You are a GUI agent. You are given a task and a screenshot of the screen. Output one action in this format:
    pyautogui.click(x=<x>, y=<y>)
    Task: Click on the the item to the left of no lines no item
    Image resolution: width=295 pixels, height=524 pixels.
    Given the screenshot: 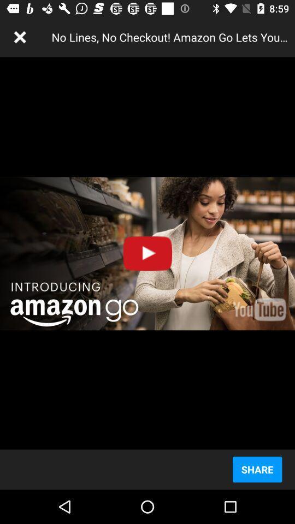 What is the action you would take?
    pyautogui.click(x=20, y=37)
    